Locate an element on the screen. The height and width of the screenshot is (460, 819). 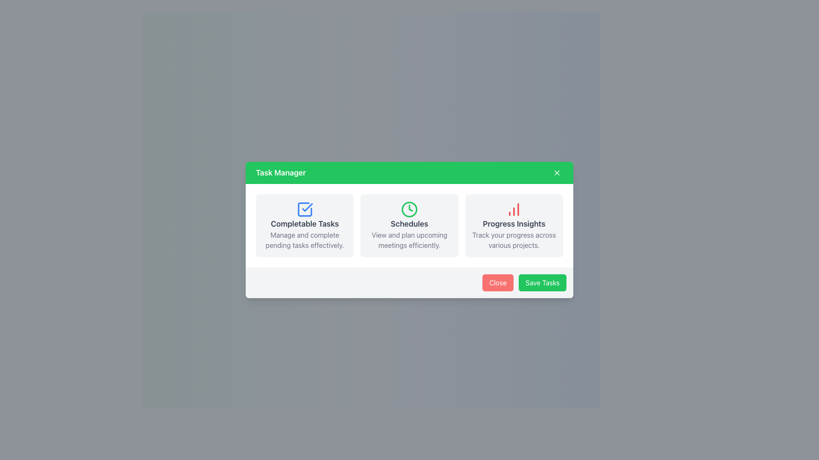
the close button located in the top-right corner of the 'Task Manager' modal header to change its background color is located at coordinates (557, 172).